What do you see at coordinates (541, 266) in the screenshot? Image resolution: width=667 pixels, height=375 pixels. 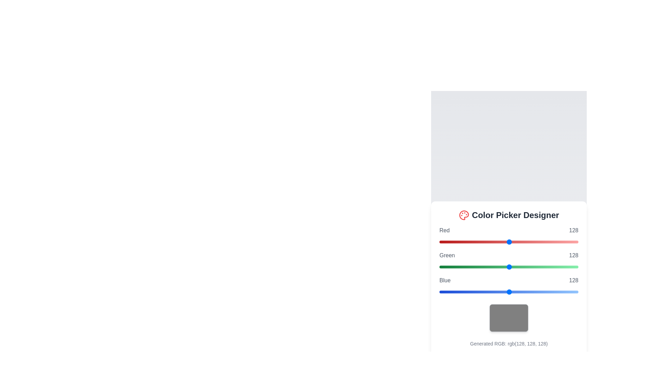 I see `the green slider to set its value to 188` at bounding box center [541, 266].